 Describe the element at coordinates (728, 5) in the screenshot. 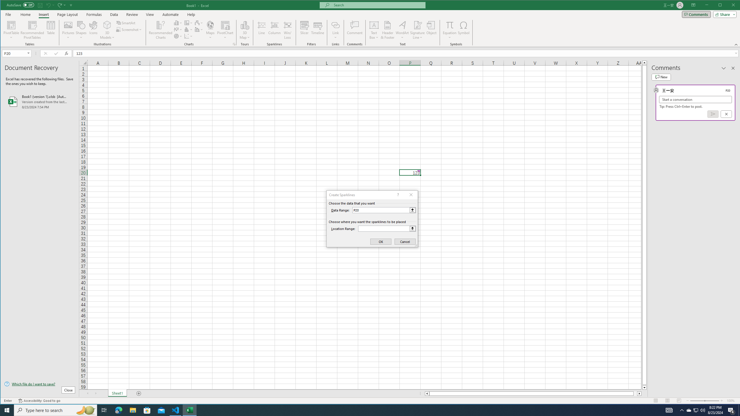

I see `'Maximize'` at that location.